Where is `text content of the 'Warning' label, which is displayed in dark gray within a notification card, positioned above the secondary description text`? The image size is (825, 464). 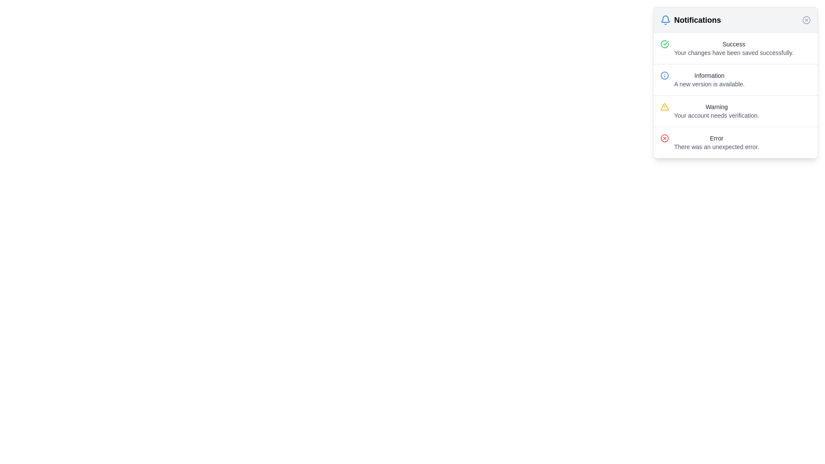 text content of the 'Warning' label, which is displayed in dark gray within a notification card, positioned above the secondary description text is located at coordinates (716, 107).